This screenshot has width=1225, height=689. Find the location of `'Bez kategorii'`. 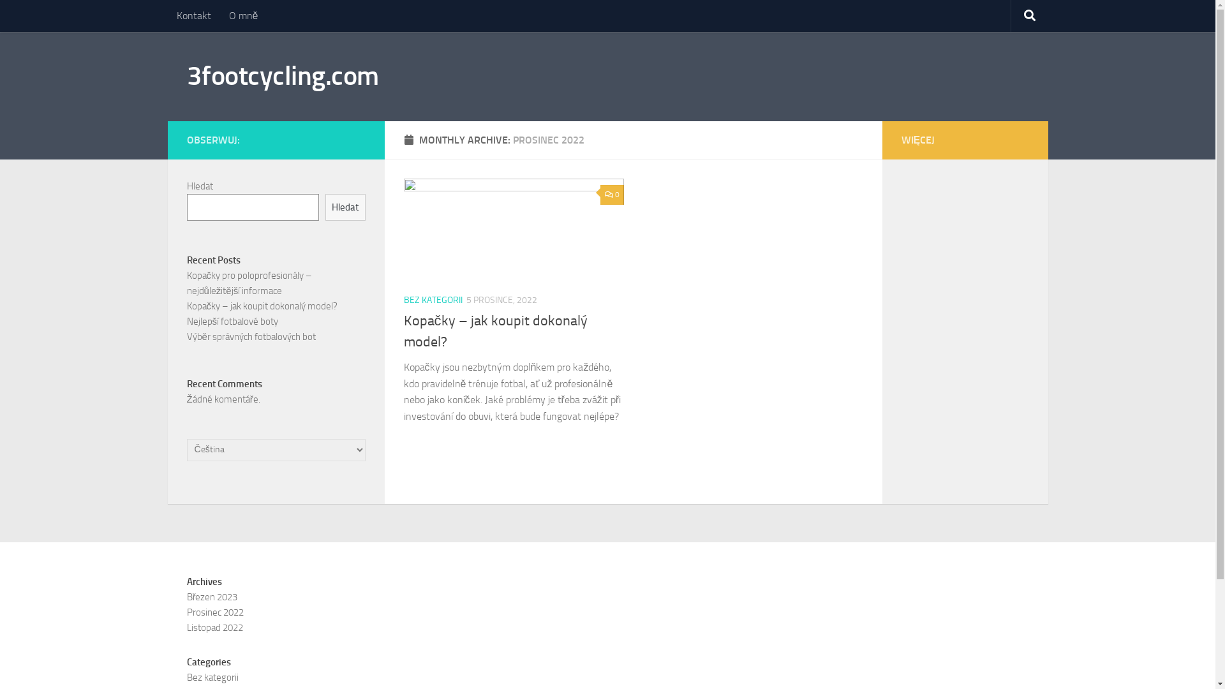

'Bez kategorii' is located at coordinates (212, 676).